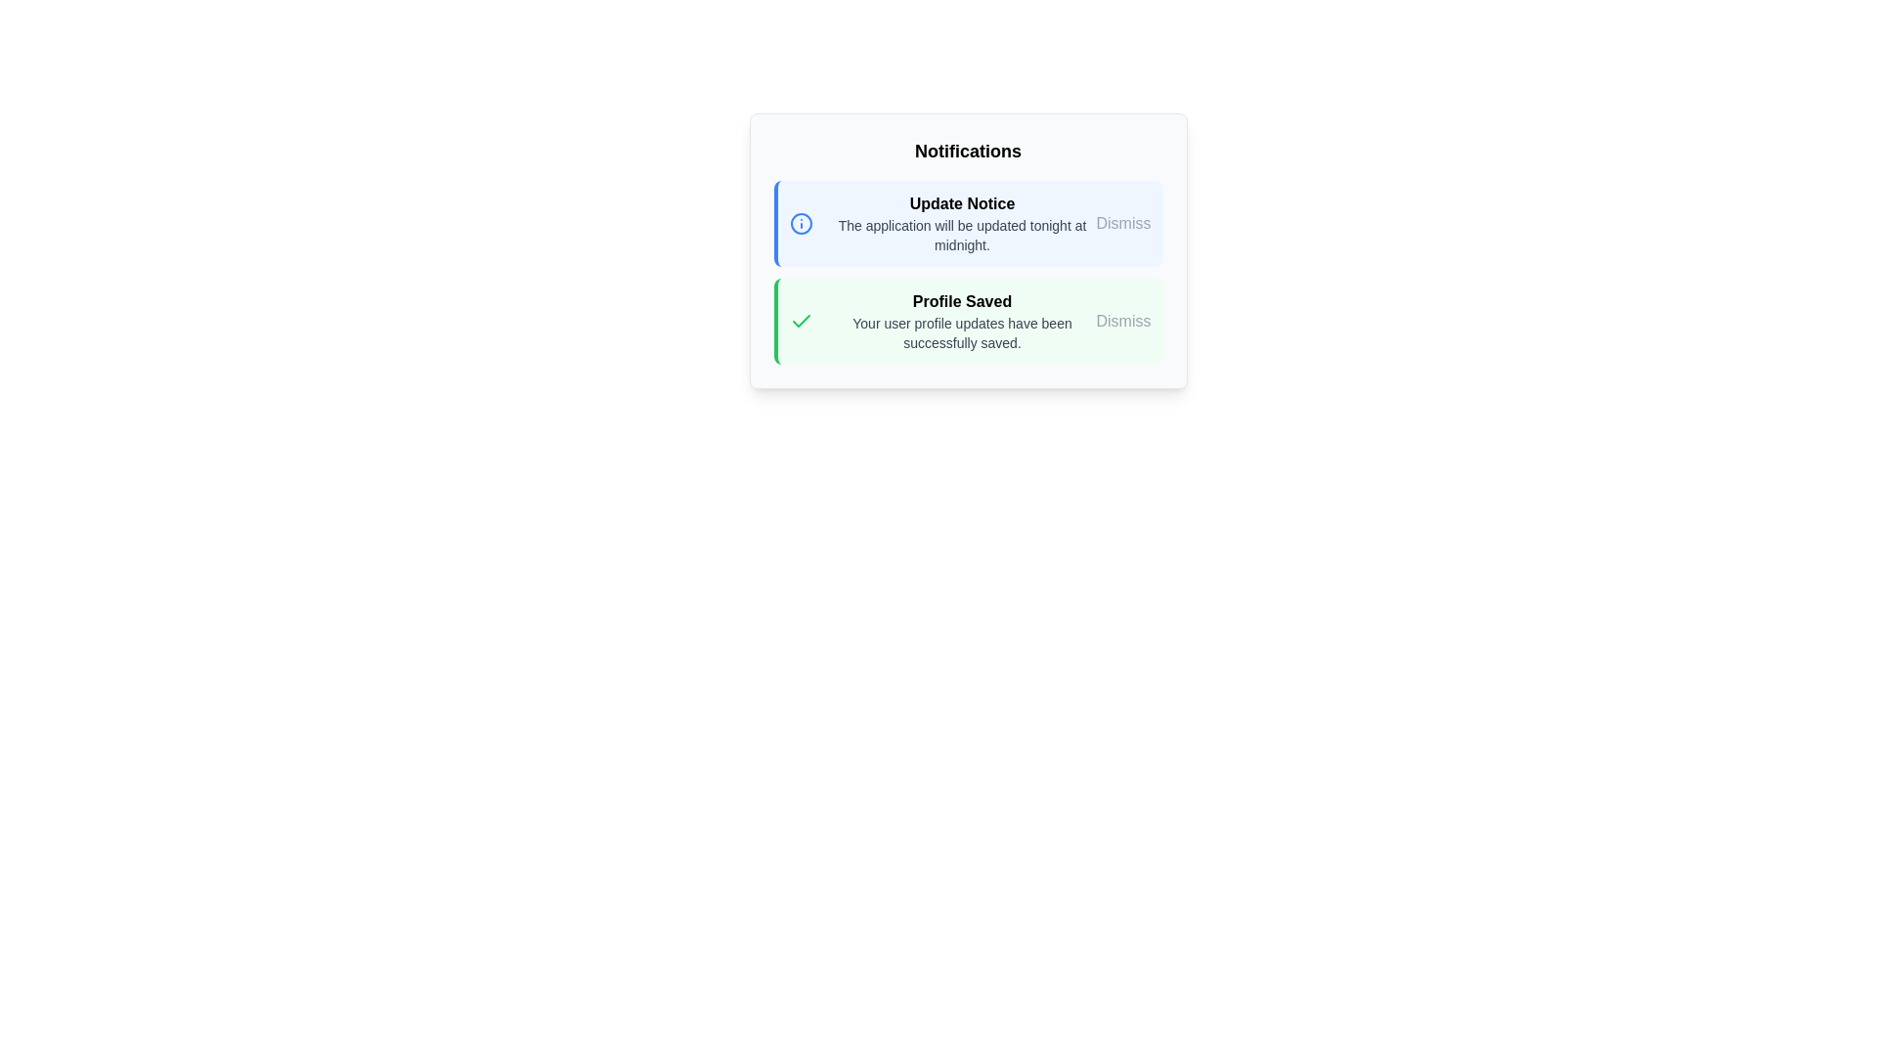 The image size is (1877, 1056). What do you see at coordinates (801, 222) in the screenshot?
I see `the informational indicator icon located to the left of the 'Update Notice' text in the top notification item` at bounding box center [801, 222].